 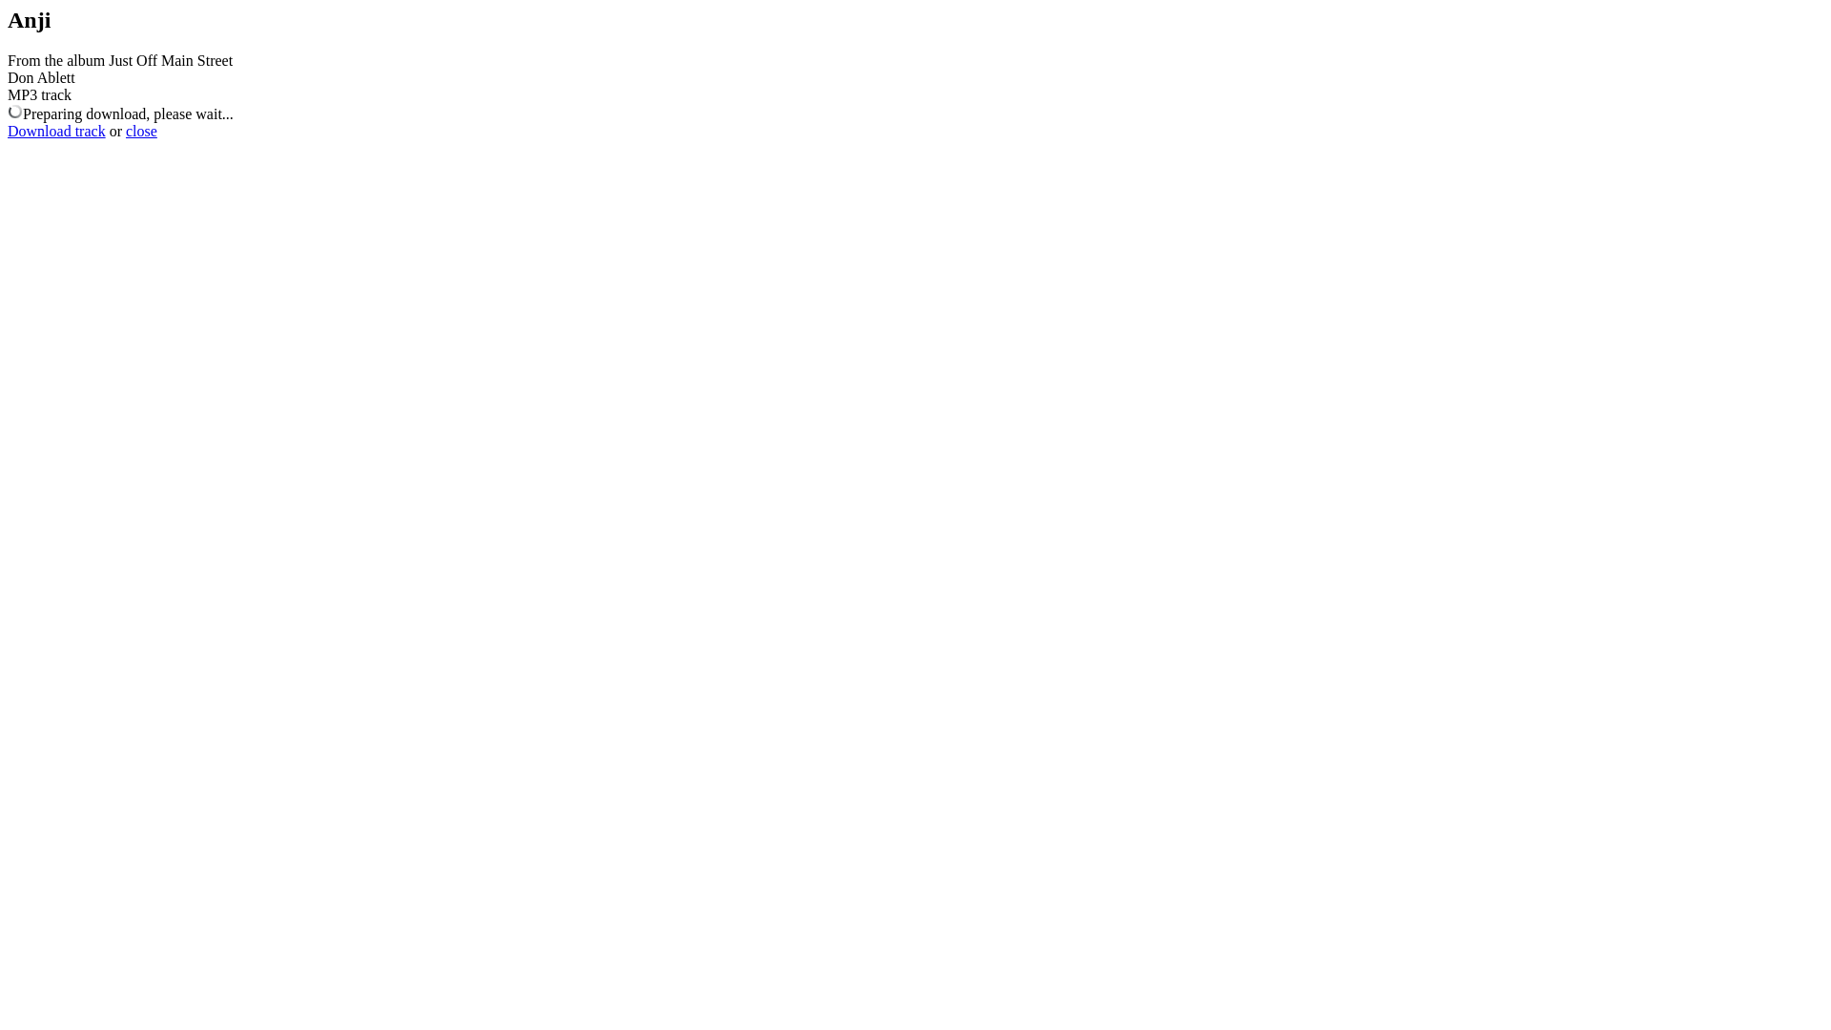 I want to click on 'close', so click(x=140, y=130).